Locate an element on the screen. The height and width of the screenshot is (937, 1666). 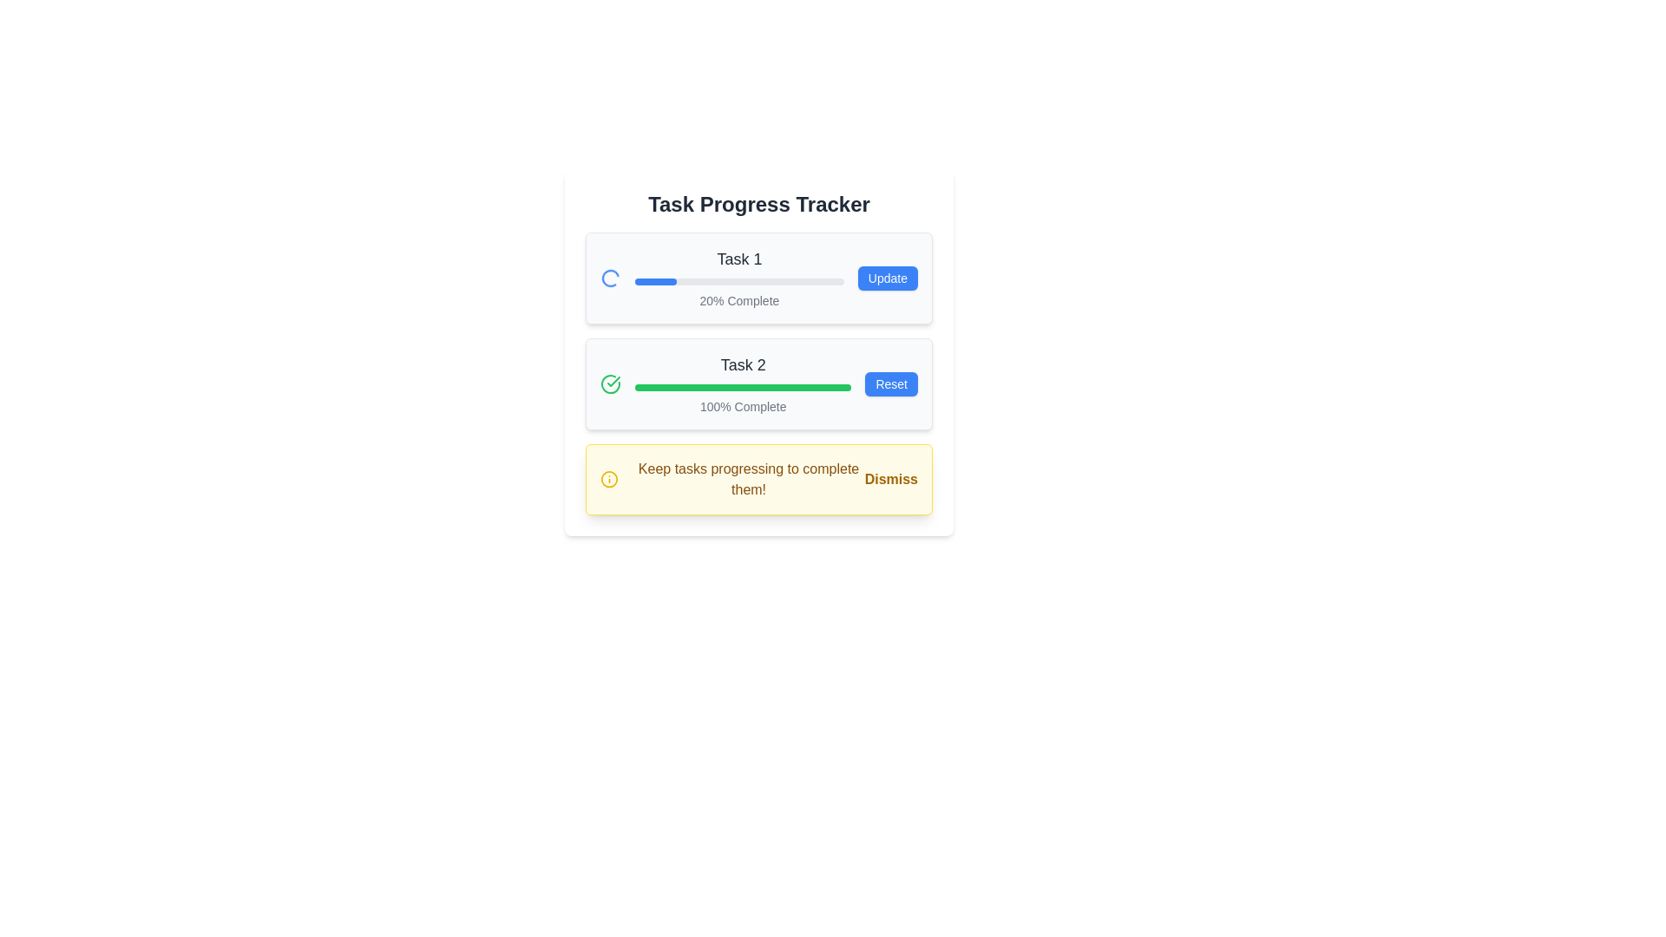
the Progress Bar that visually represents the 20% completion of Task 1, located below 'Task 1' and above '20% Complete' is located at coordinates (739, 280).